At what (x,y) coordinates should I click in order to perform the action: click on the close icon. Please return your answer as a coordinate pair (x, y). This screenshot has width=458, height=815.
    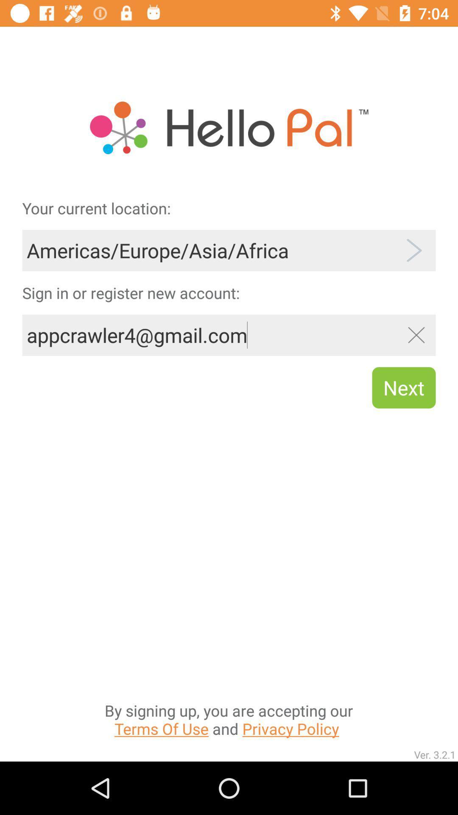
    Looking at the image, I should click on (416, 334).